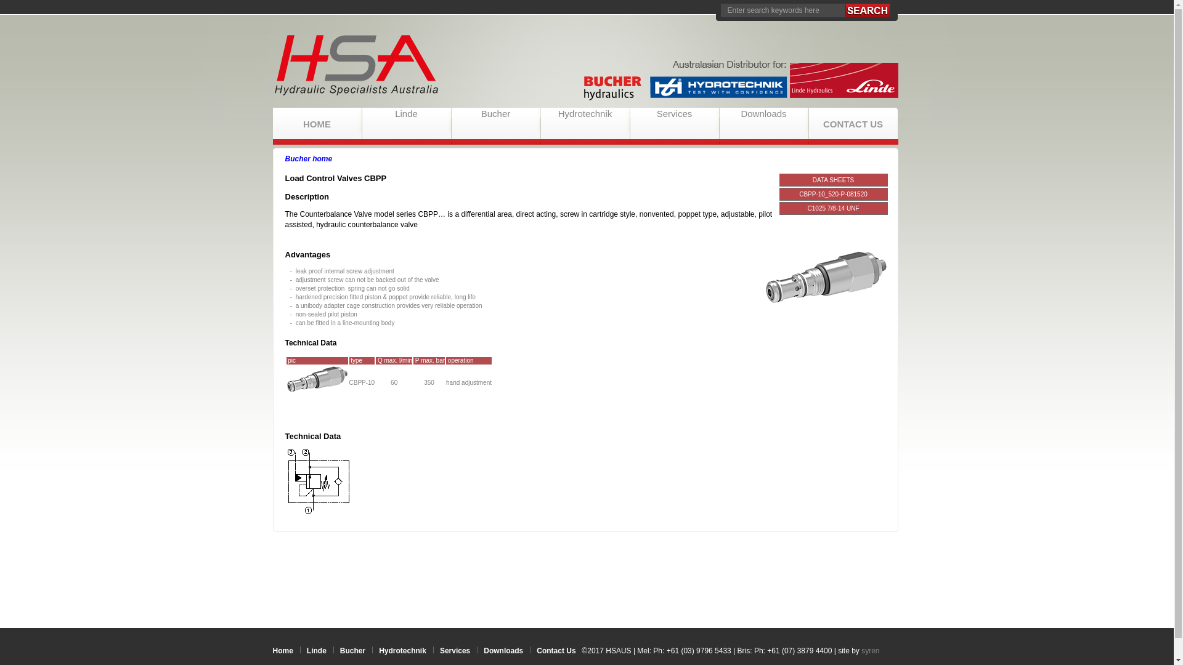 Image resolution: width=1183 pixels, height=665 pixels. Describe the element at coordinates (852, 123) in the screenshot. I see `'CONTACT US'` at that location.